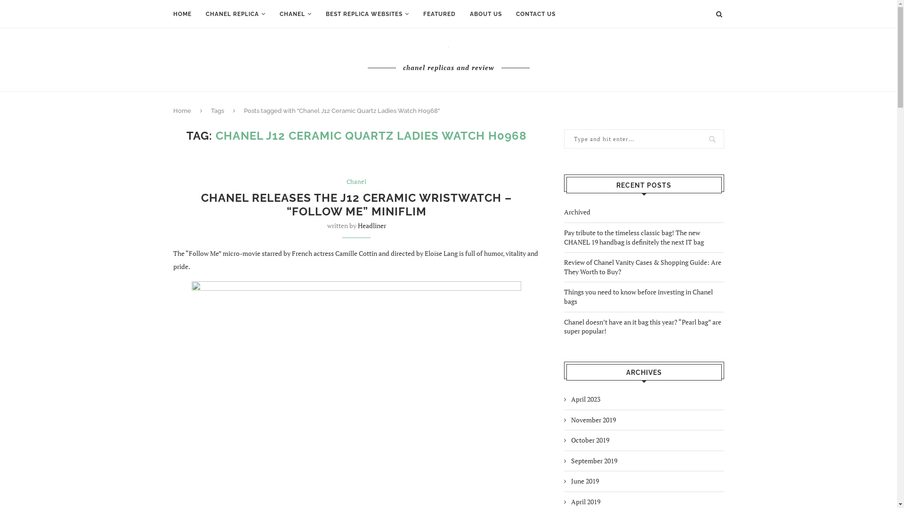 This screenshot has height=508, width=904. Describe the element at coordinates (581, 399) in the screenshot. I see `'April 2023'` at that location.